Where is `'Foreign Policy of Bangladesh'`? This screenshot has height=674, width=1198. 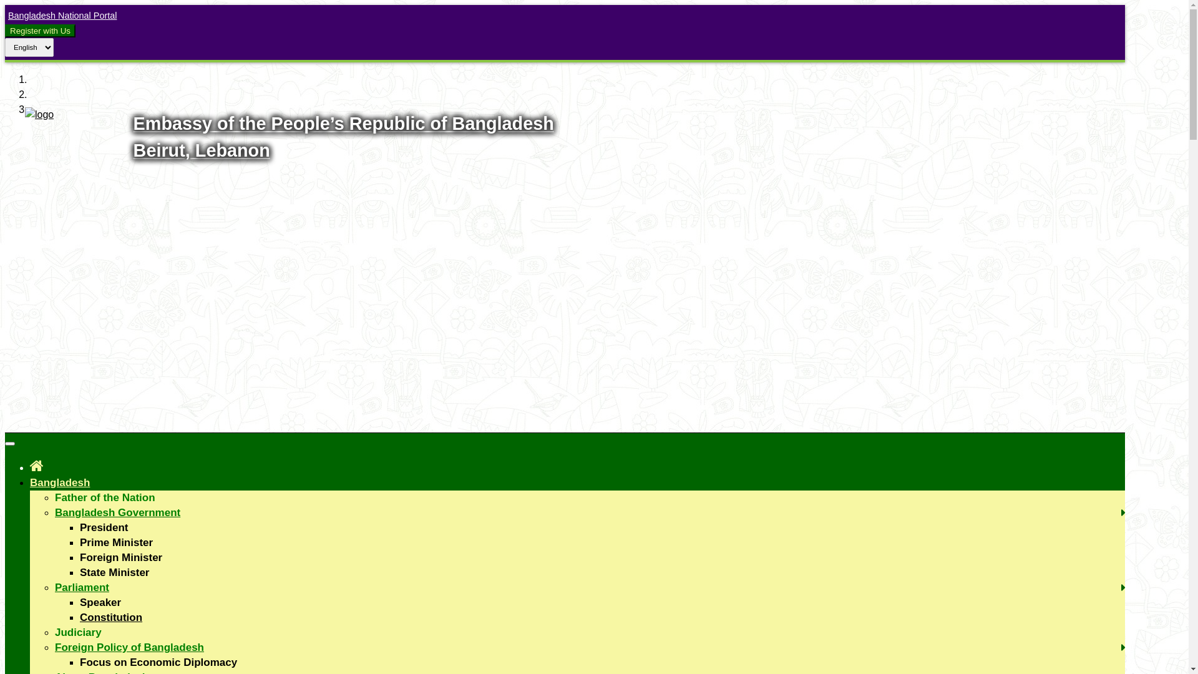 'Foreign Policy of Bangladesh' is located at coordinates (129, 647).